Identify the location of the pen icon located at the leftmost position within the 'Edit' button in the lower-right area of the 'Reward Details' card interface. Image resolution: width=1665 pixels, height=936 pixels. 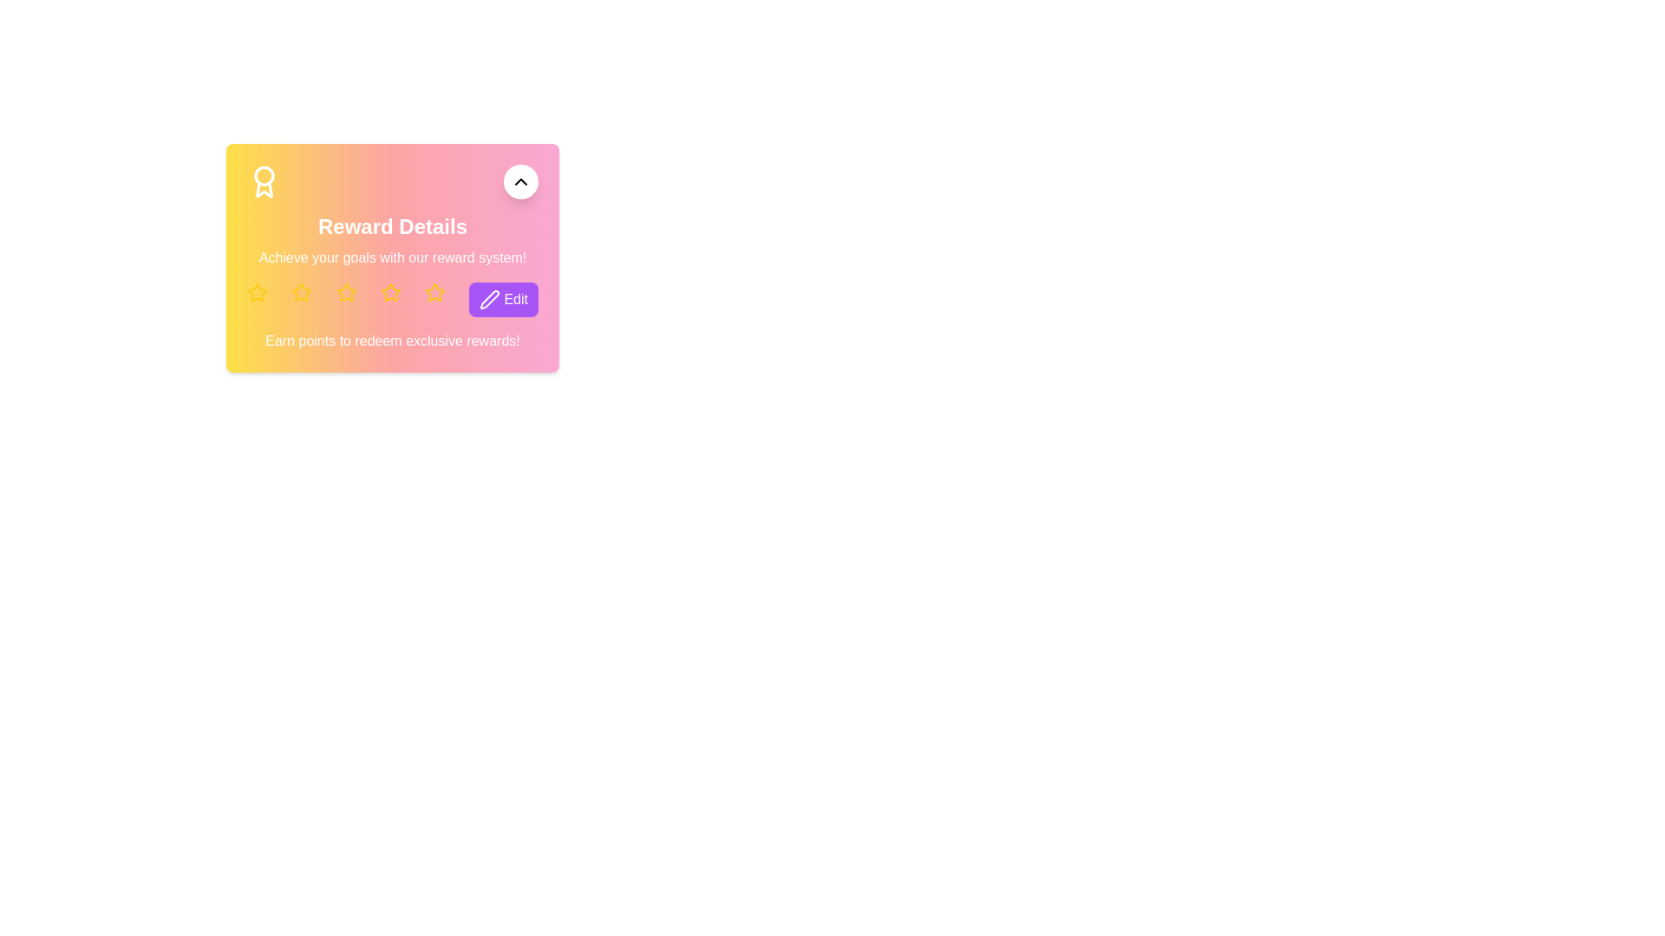
(489, 299).